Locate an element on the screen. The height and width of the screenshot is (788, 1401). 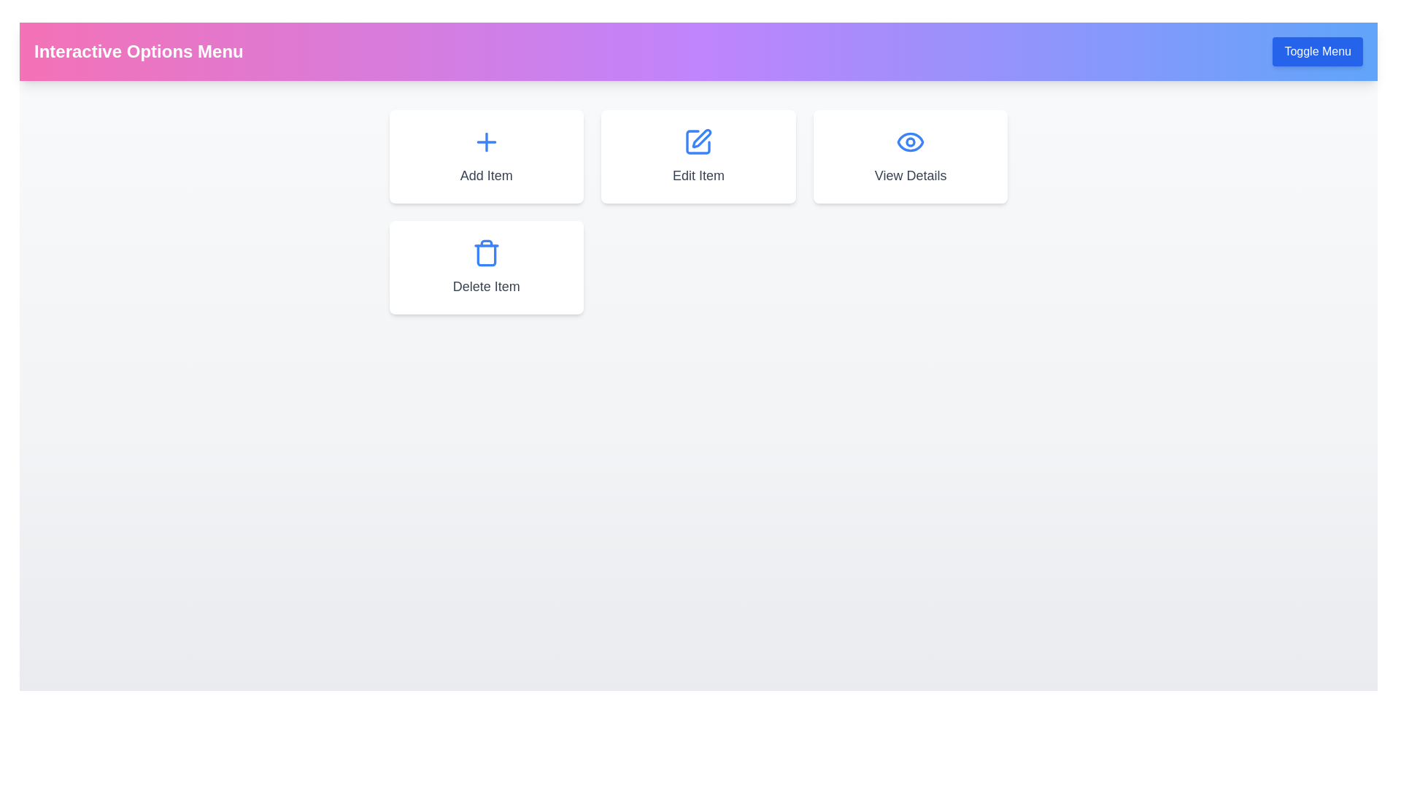
the 'View Details' button is located at coordinates (910, 157).